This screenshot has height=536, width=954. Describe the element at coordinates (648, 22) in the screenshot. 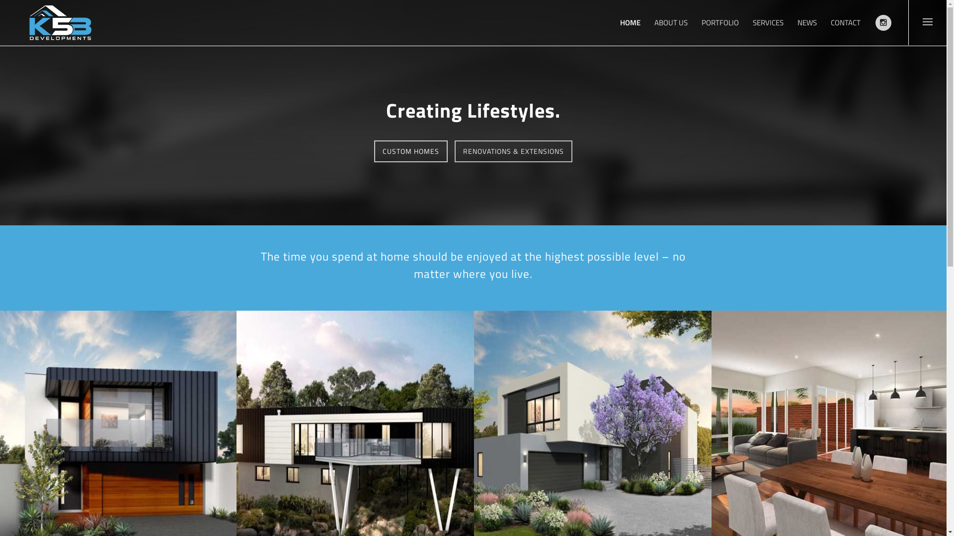

I see `'ABOUT US'` at that location.